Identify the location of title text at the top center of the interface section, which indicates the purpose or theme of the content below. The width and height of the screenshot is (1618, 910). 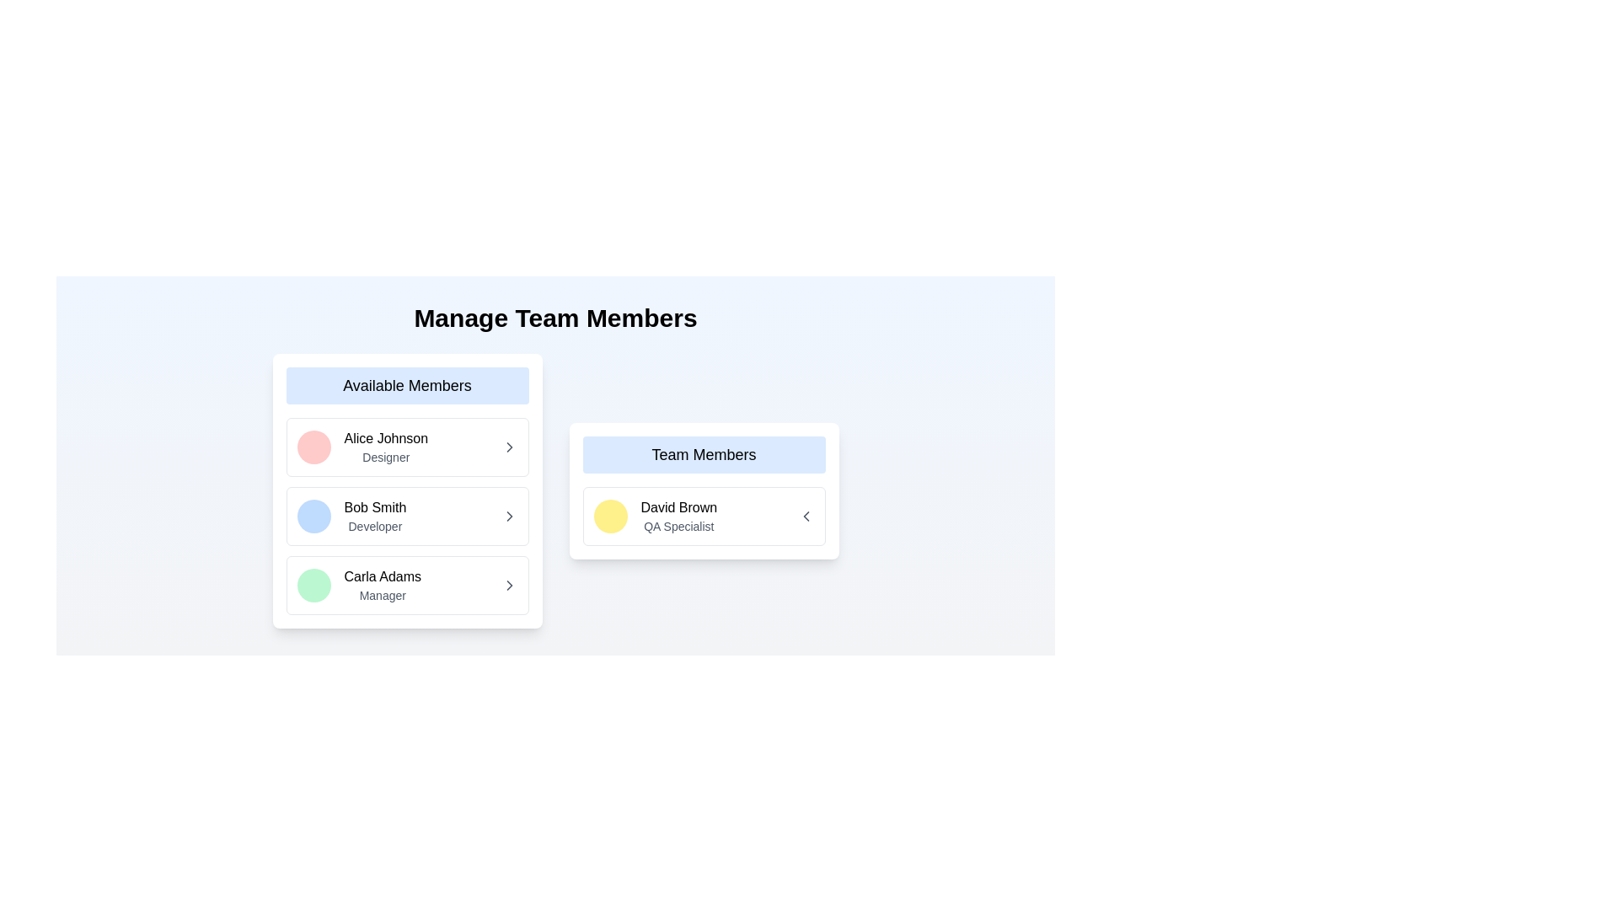
(555, 318).